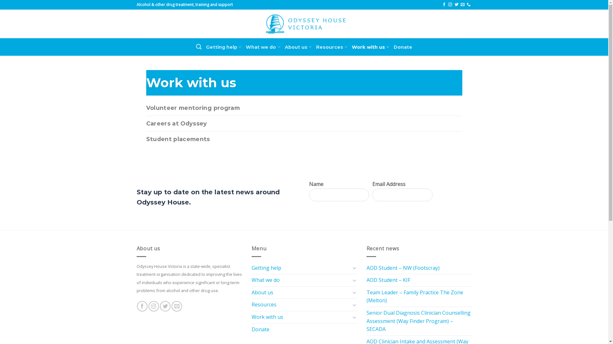  What do you see at coordinates (452, 195) in the screenshot?
I see `'Submit'` at bounding box center [452, 195].